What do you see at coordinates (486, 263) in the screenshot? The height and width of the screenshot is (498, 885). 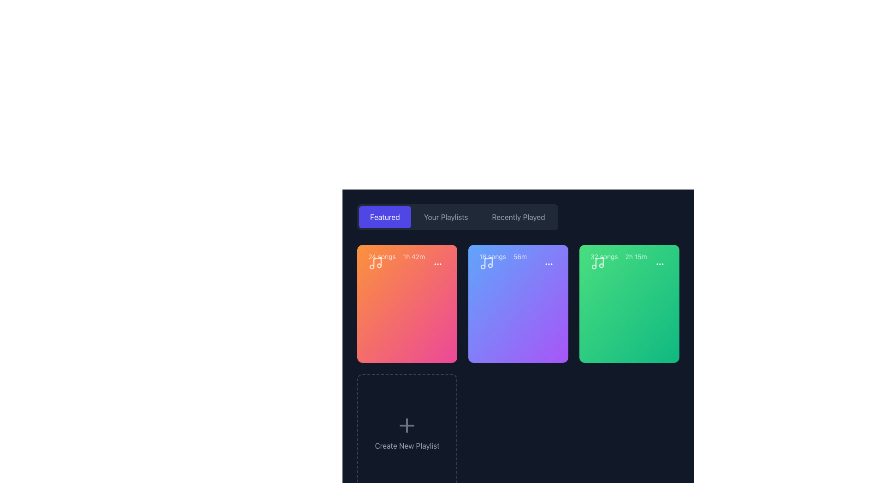 I see `the white musical note icon located in the top-left corner of the blue card, which has the text '8 songs' displayed above it` at bounding box center [486, 263].